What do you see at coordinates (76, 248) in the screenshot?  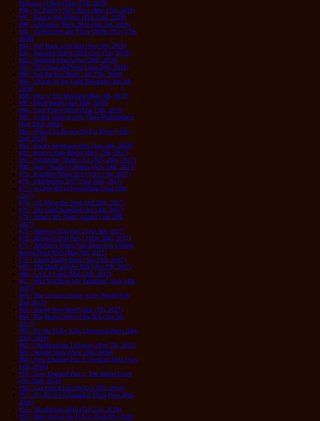 I see `'#71 - Arkham's Finest Star Destroyer Umami Rover Truck NxS (May 5th, 2017)'` at bounding box center [76, 248].